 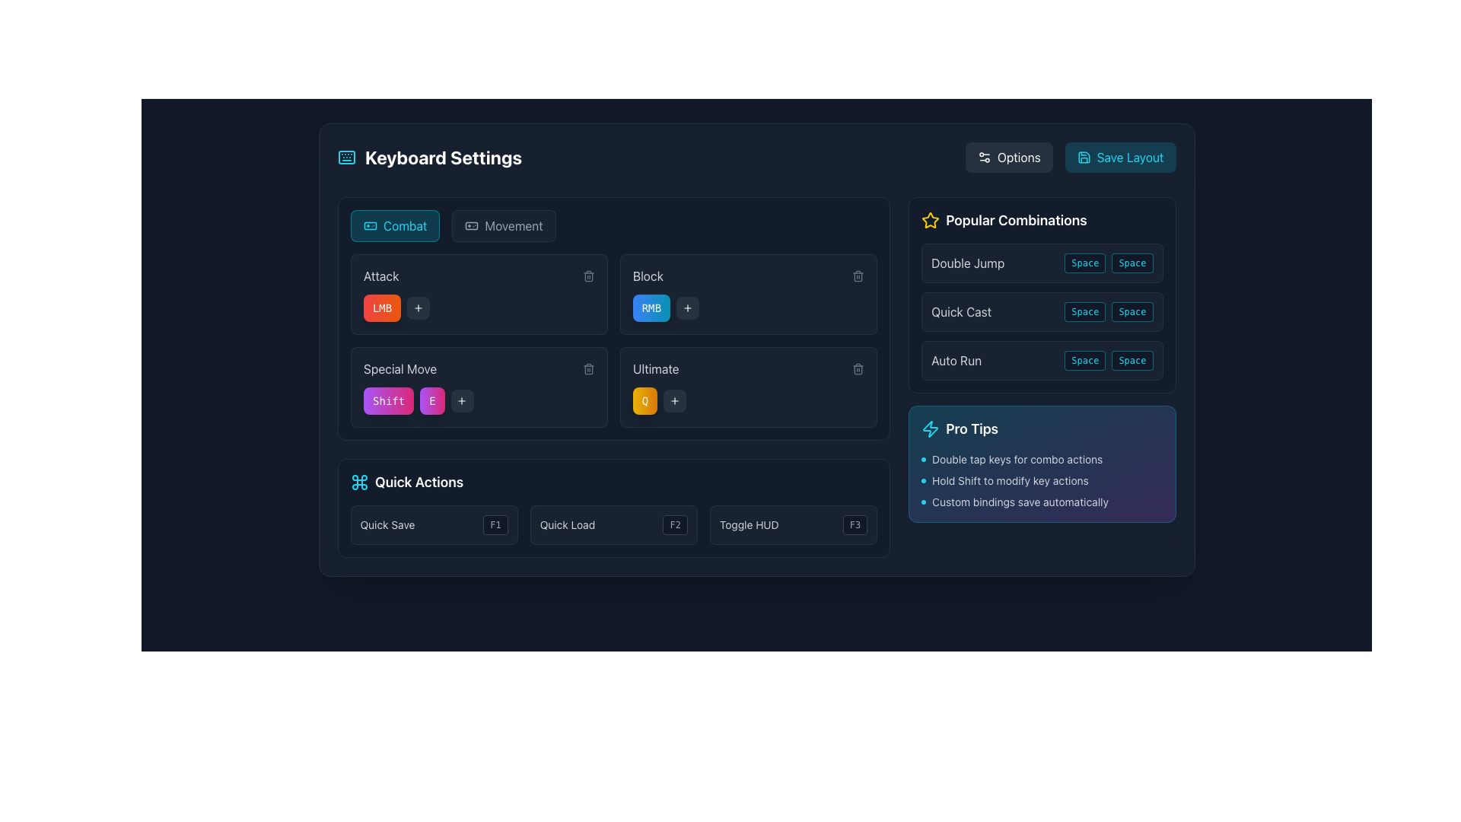 What do you see at coordinates (388, 400) in the screenshot?
I see `the visual indication button for the 'Special Move' action, representing the 'Shift' key, located in the 'Special Move' section of the 'Keyboard Settings' interface` at bounding box center [388, 400].